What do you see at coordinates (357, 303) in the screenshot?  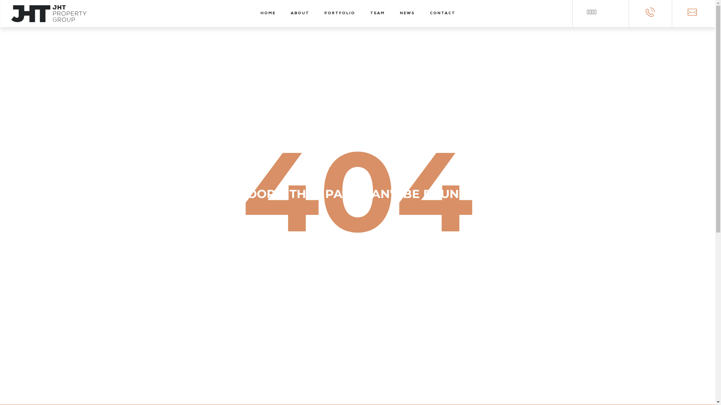 I see `'Home Page'` at bounding box center [357, 303].